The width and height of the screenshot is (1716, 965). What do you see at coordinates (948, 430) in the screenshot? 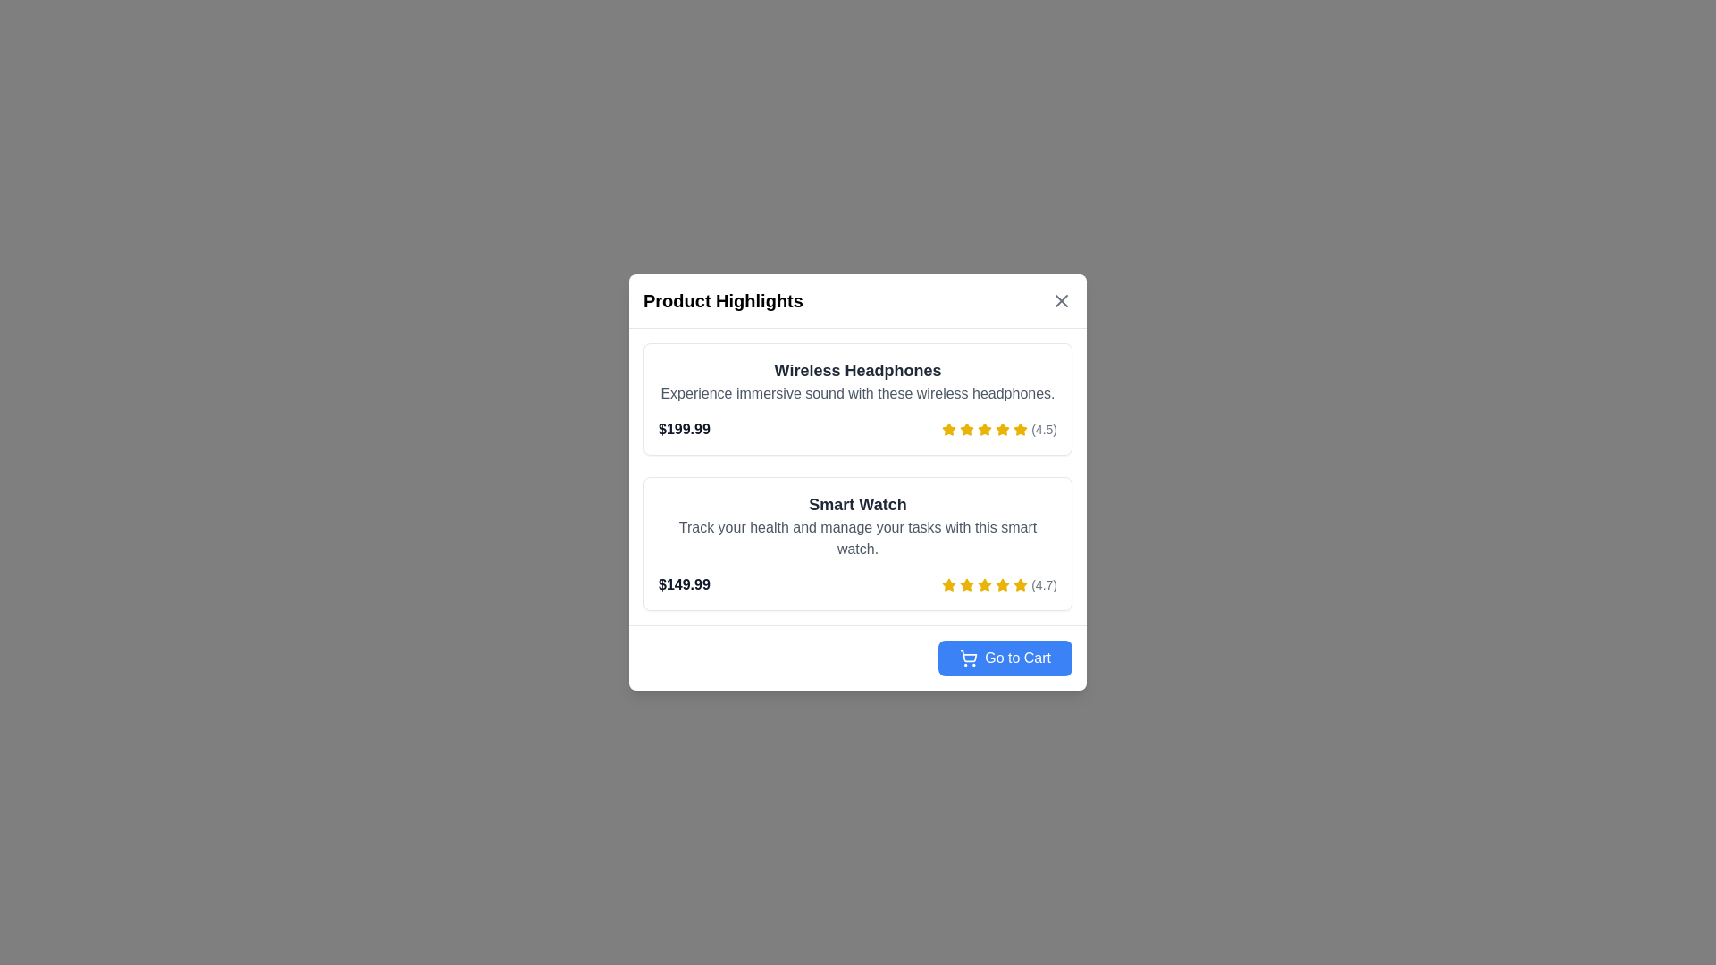
I see `the first star icon in the rating indicator for 'Wireless Headphones' to visually indicate the rating score of 4.5` at bounding box center [948, 430].